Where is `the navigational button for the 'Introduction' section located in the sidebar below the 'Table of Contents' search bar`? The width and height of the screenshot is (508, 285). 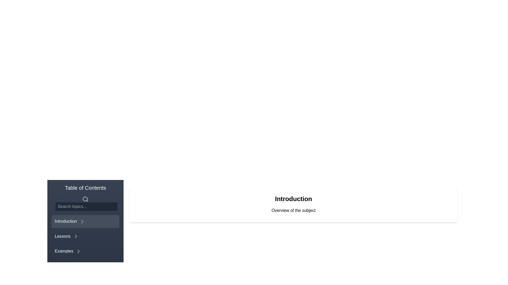
the navigational button for the 'Introduction' section located in the sidebar below the 'Table of Contents' search bar is located at coordinates (85, 221).